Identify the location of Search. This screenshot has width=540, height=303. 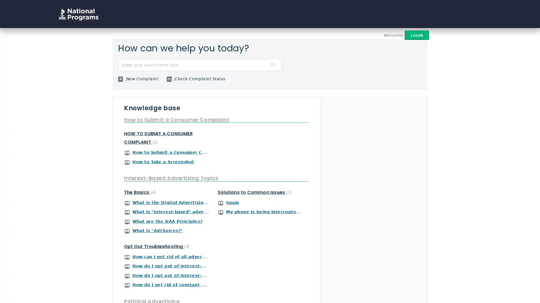
(273, 65).